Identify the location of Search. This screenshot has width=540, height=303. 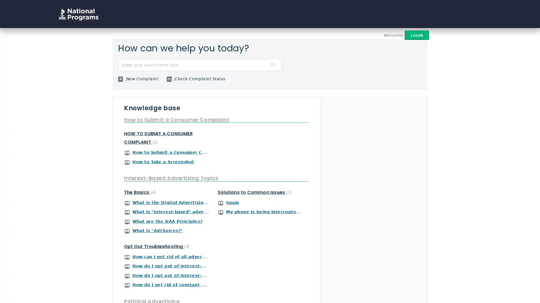
(273, 65).